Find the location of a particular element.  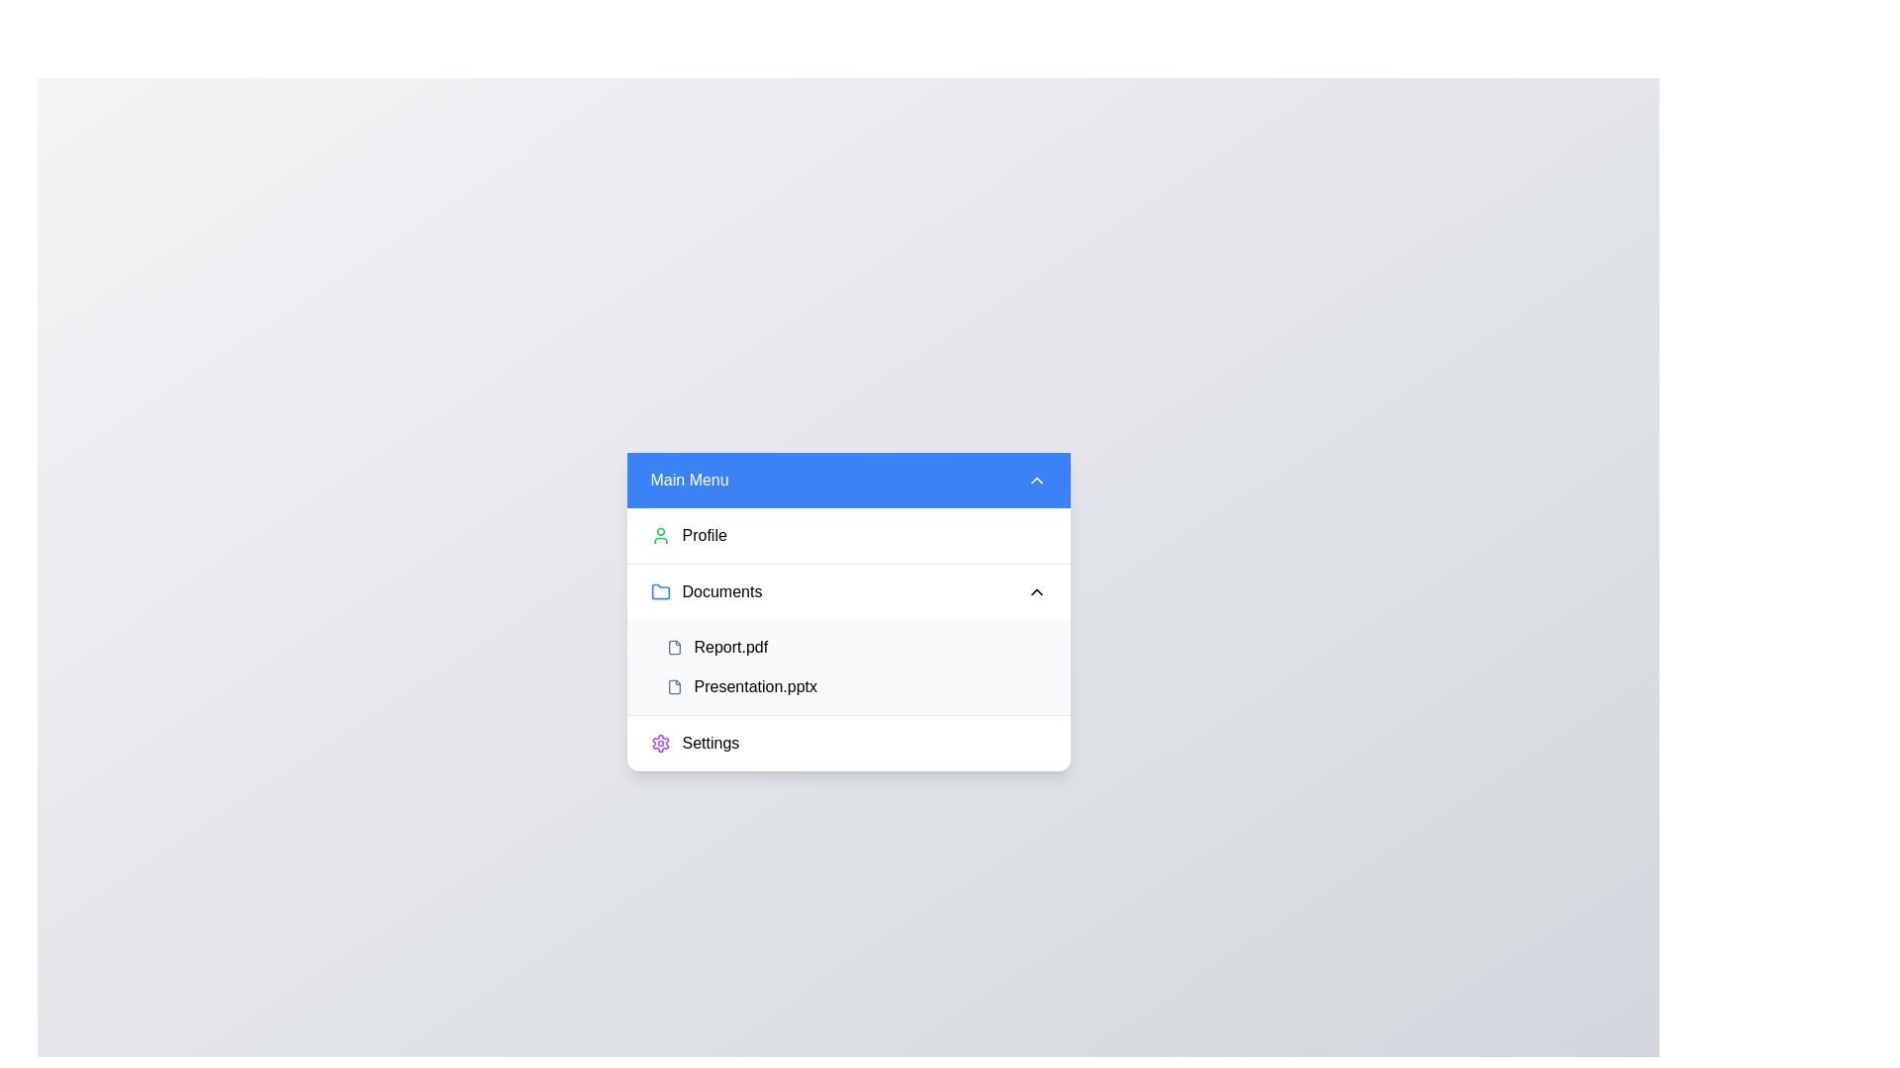

the file icon for the presentation file labeled 'Presentation.pptx', which is the fourth entry in the list under the 'Documents' category in the main menu interface is located at coordinates (674, 685).